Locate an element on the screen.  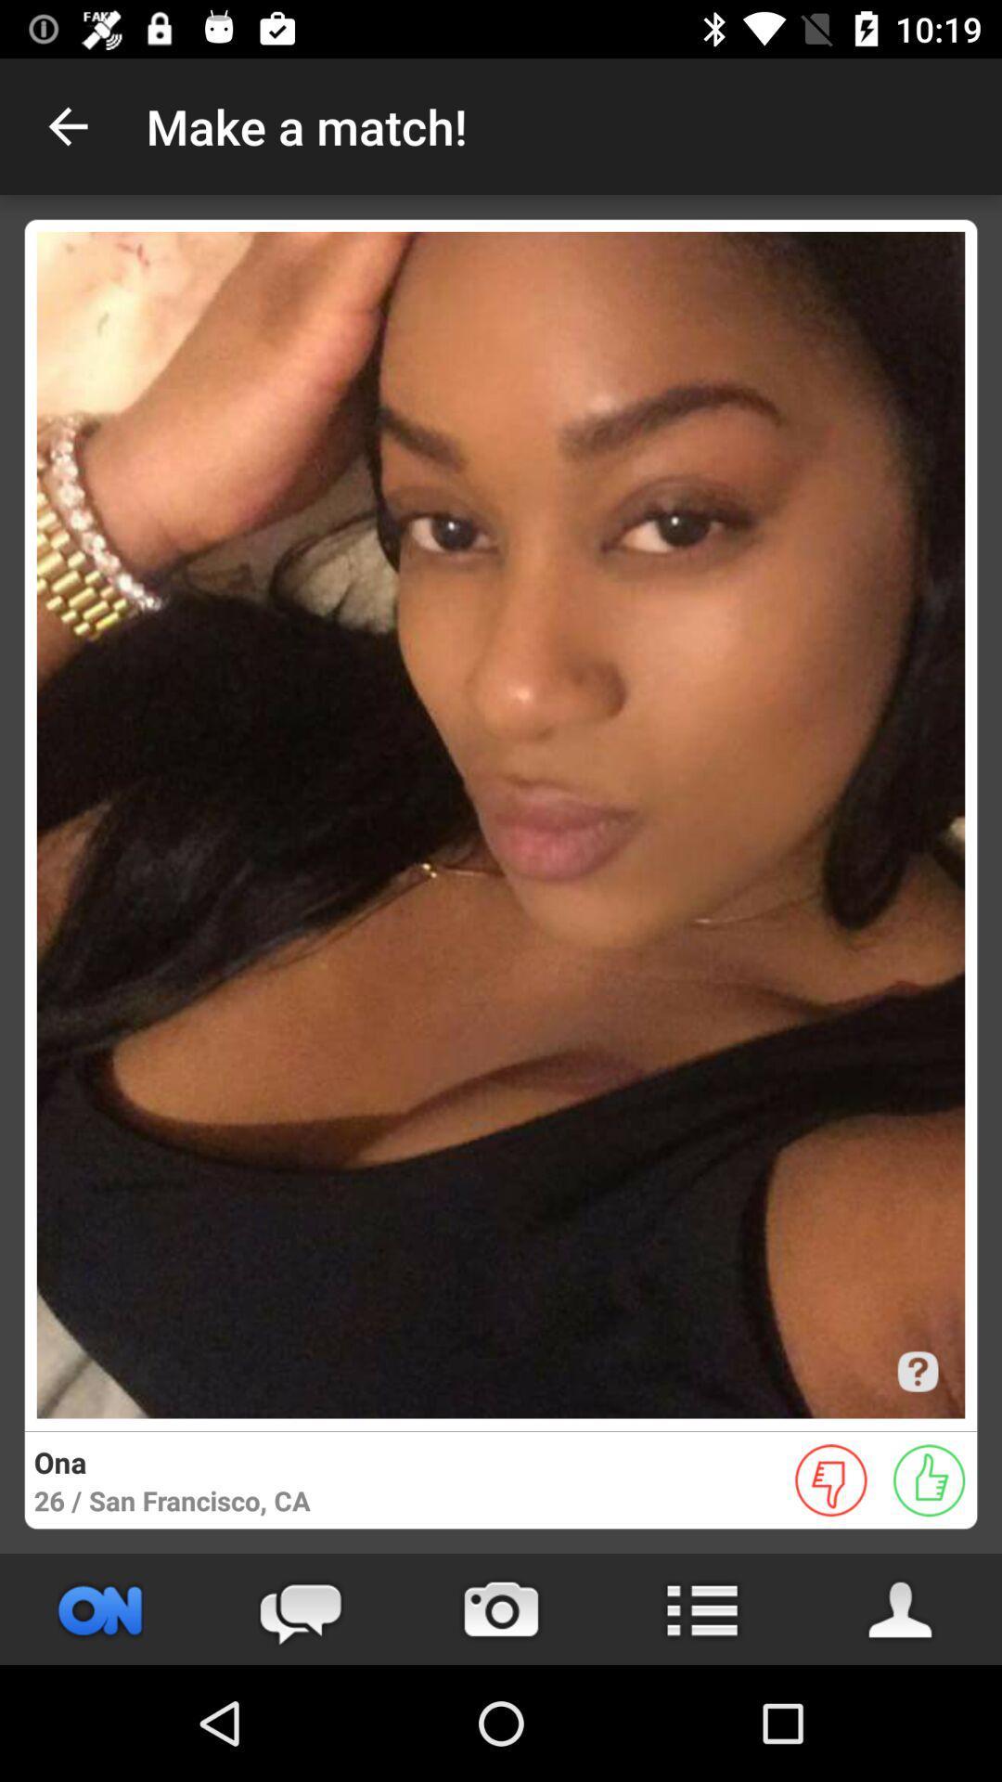
the list icon is located at coordinates (701, 1608).